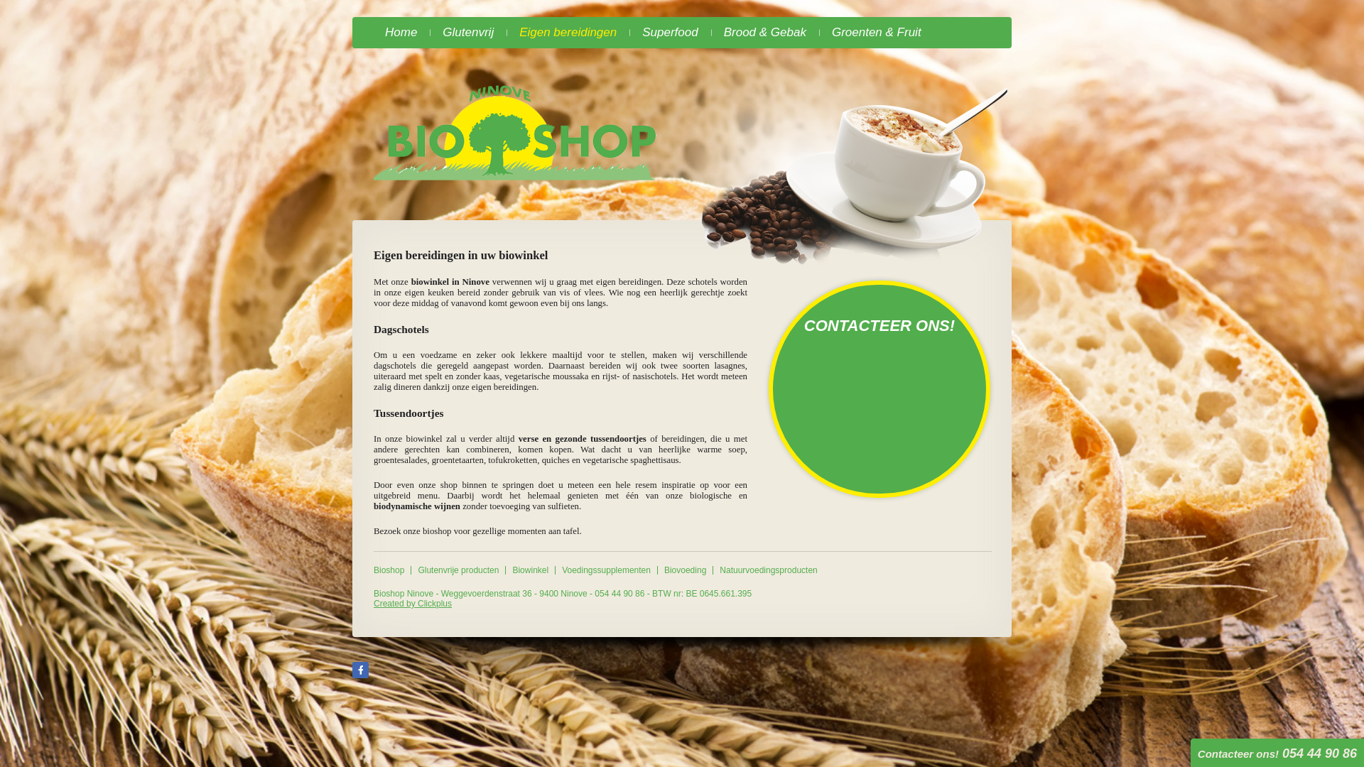 The image size is (1364, 767). Describe the element at coordinates (767, 569) in the screenshot. I see `'Natuurvoedingsproducten'` at that location.